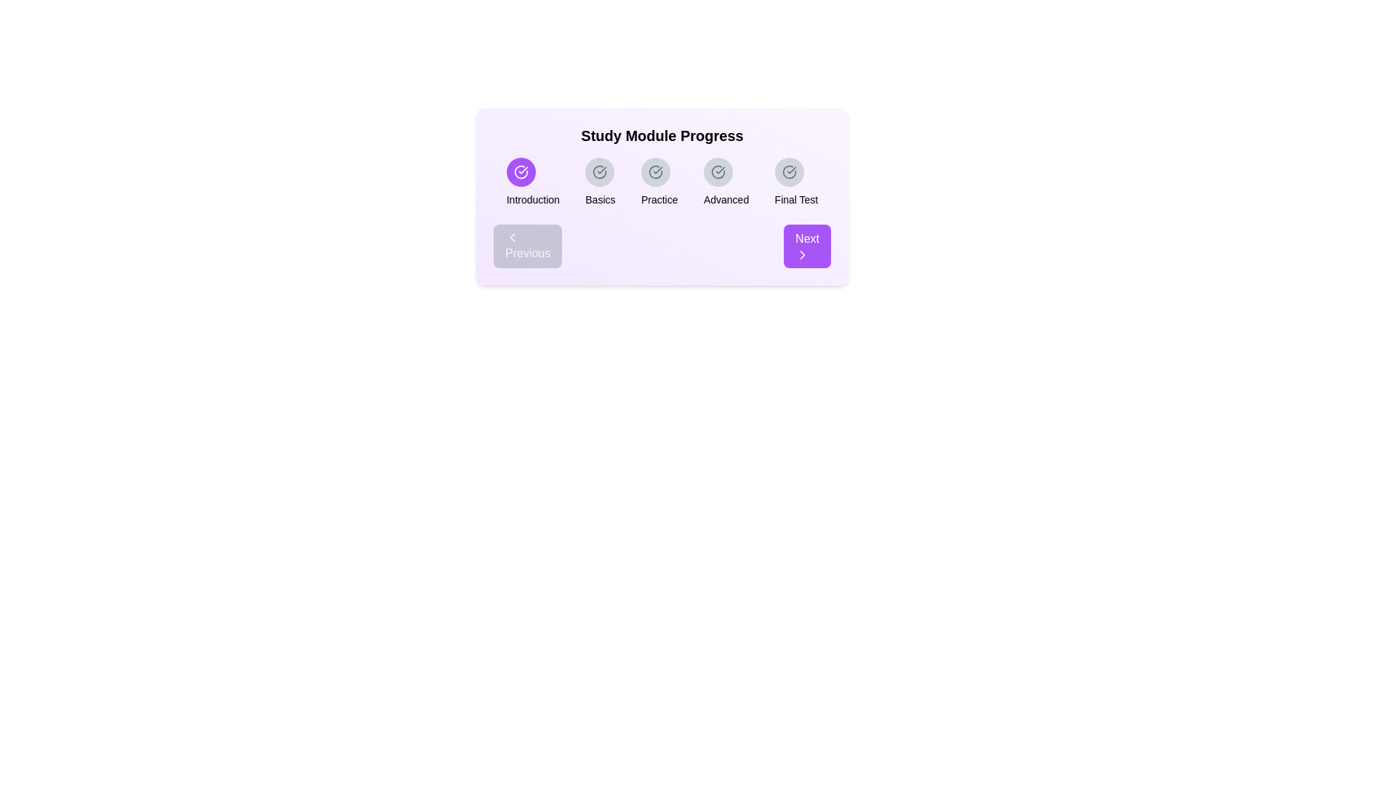  I want to click on the circular icon with a light gray background and a checkmark in its center, so click(600, 171).